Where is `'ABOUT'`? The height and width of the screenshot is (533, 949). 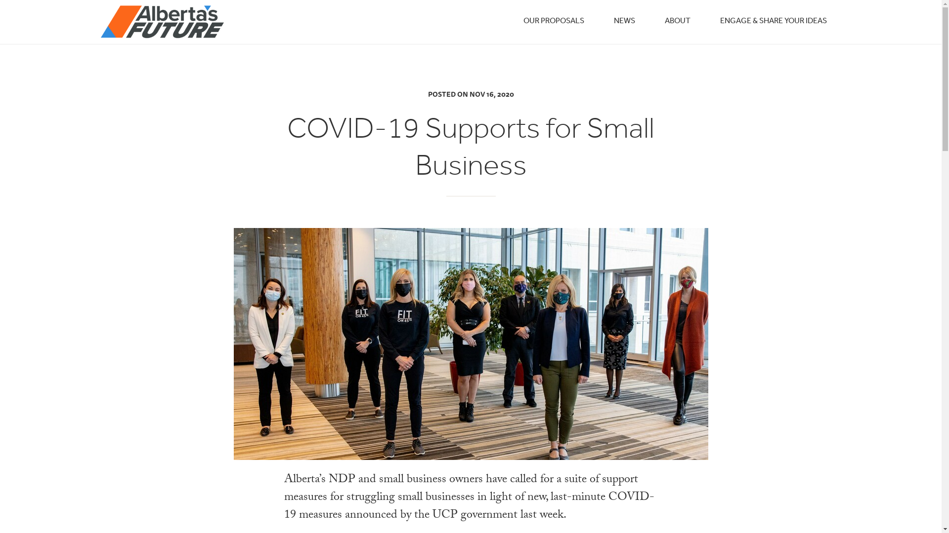
'ABOUT' is located at coordinates (676, 21).